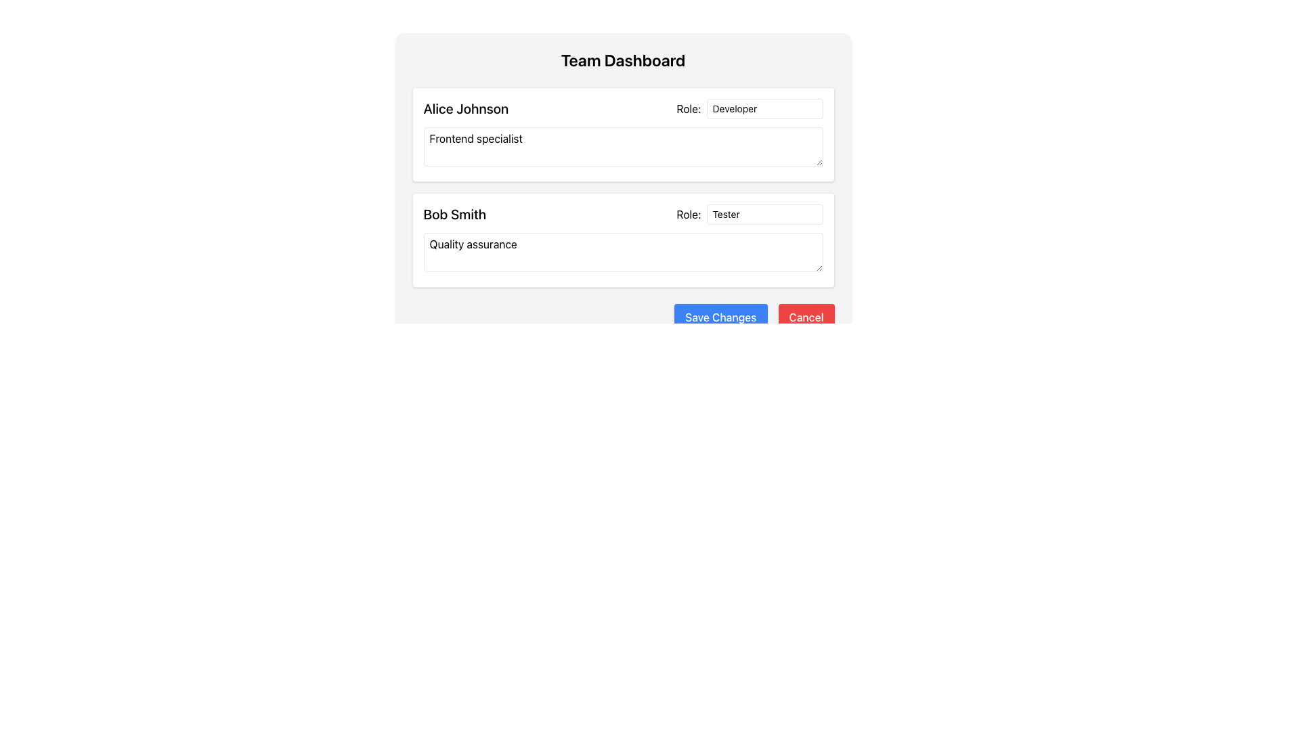  I want to click on to select the text 'Frontend specialist' in the text input field located in the 'Alice Johnson' section under the 'Team Dashboard.', so click(622, 146).